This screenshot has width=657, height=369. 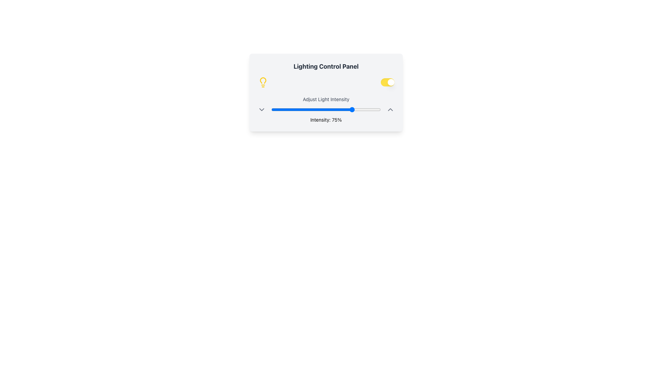 I want to click on the yellow toggle switch with a white handle on the right in the 'Lighting Control Panel' section, so click(x=387, y=82).